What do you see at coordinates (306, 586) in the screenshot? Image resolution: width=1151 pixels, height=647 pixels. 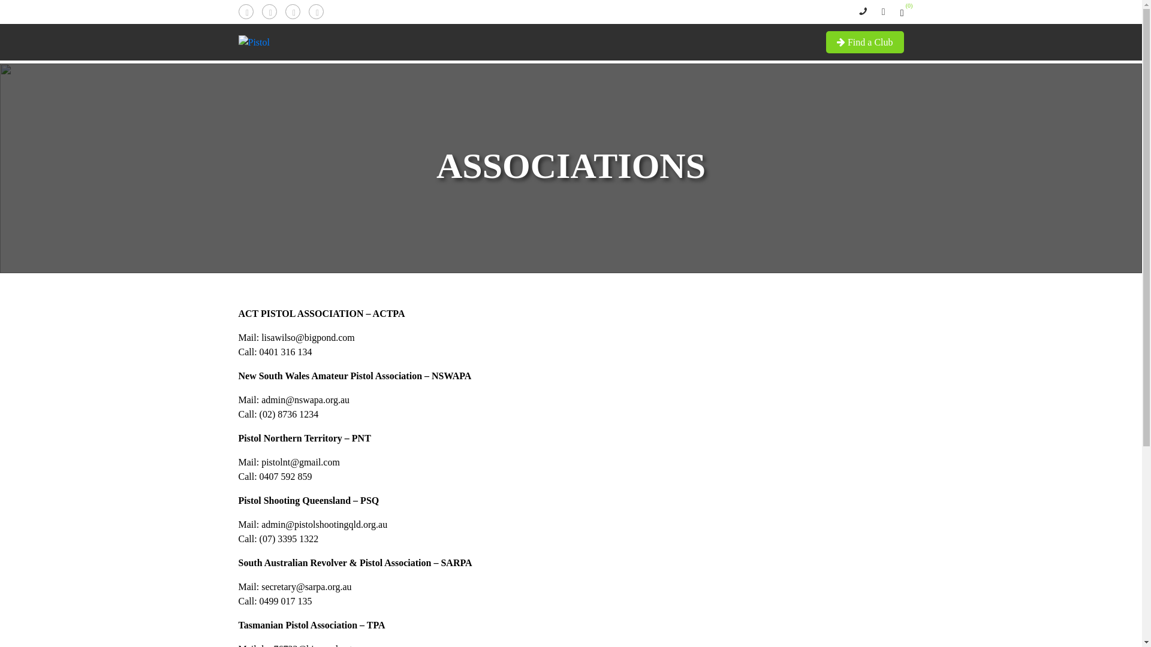 I see `'secretary@sarpa.org.au'` at bounding box center [306, 586].